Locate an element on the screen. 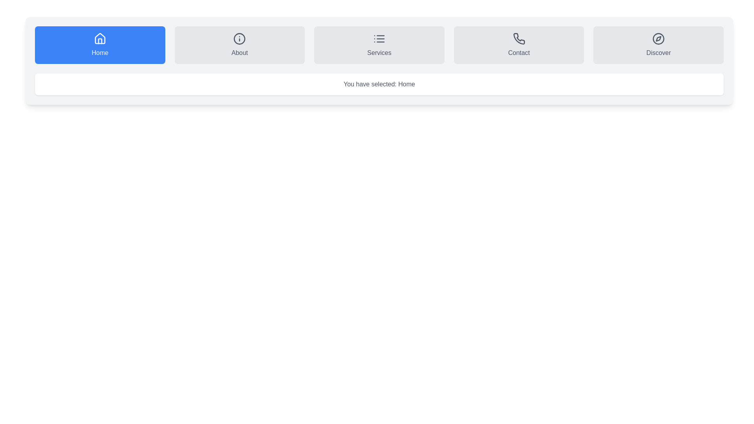  the 'About' navigation button located in the second column of the navigation menu is located at coordinates (239, 45).